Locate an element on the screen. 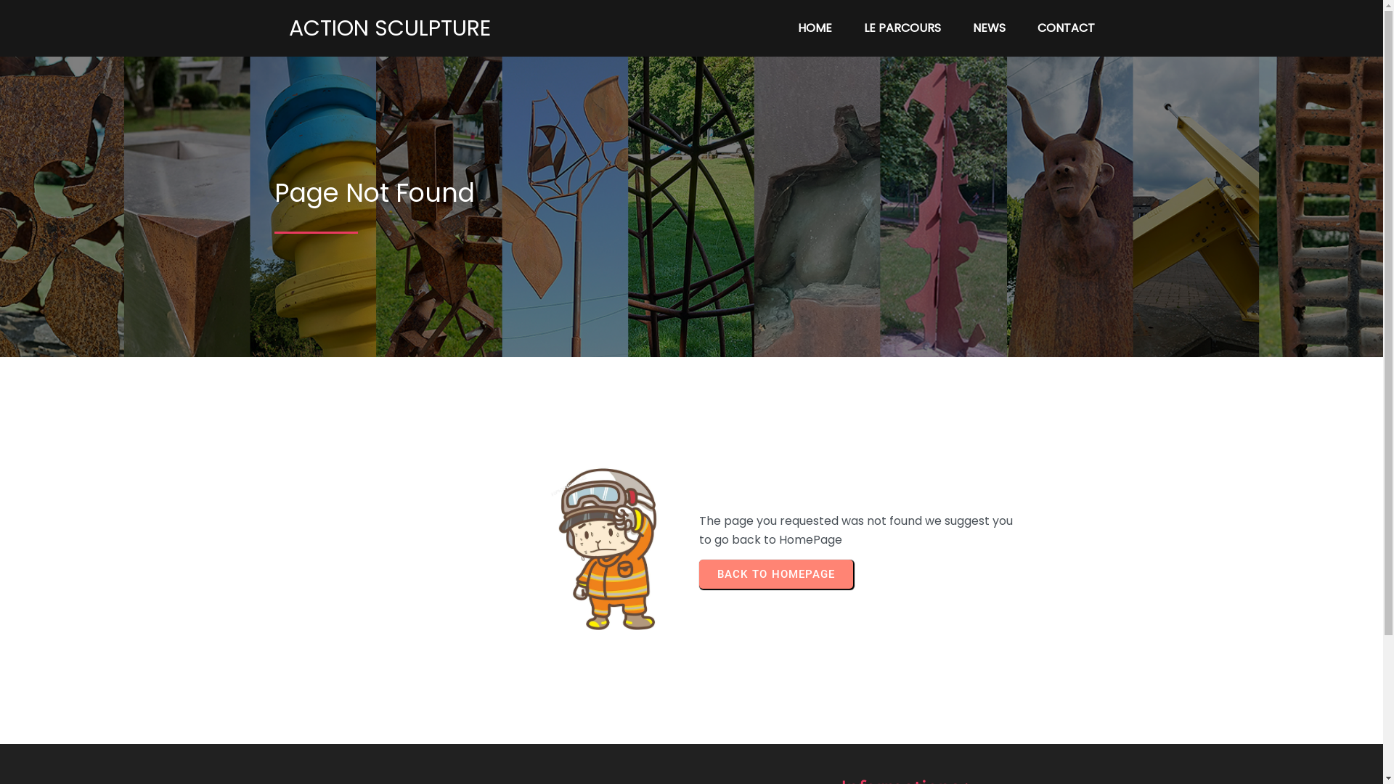 This screenshot has width=1394, height=784. 'LE PARCOURS' is located at coordinates (902, 28).